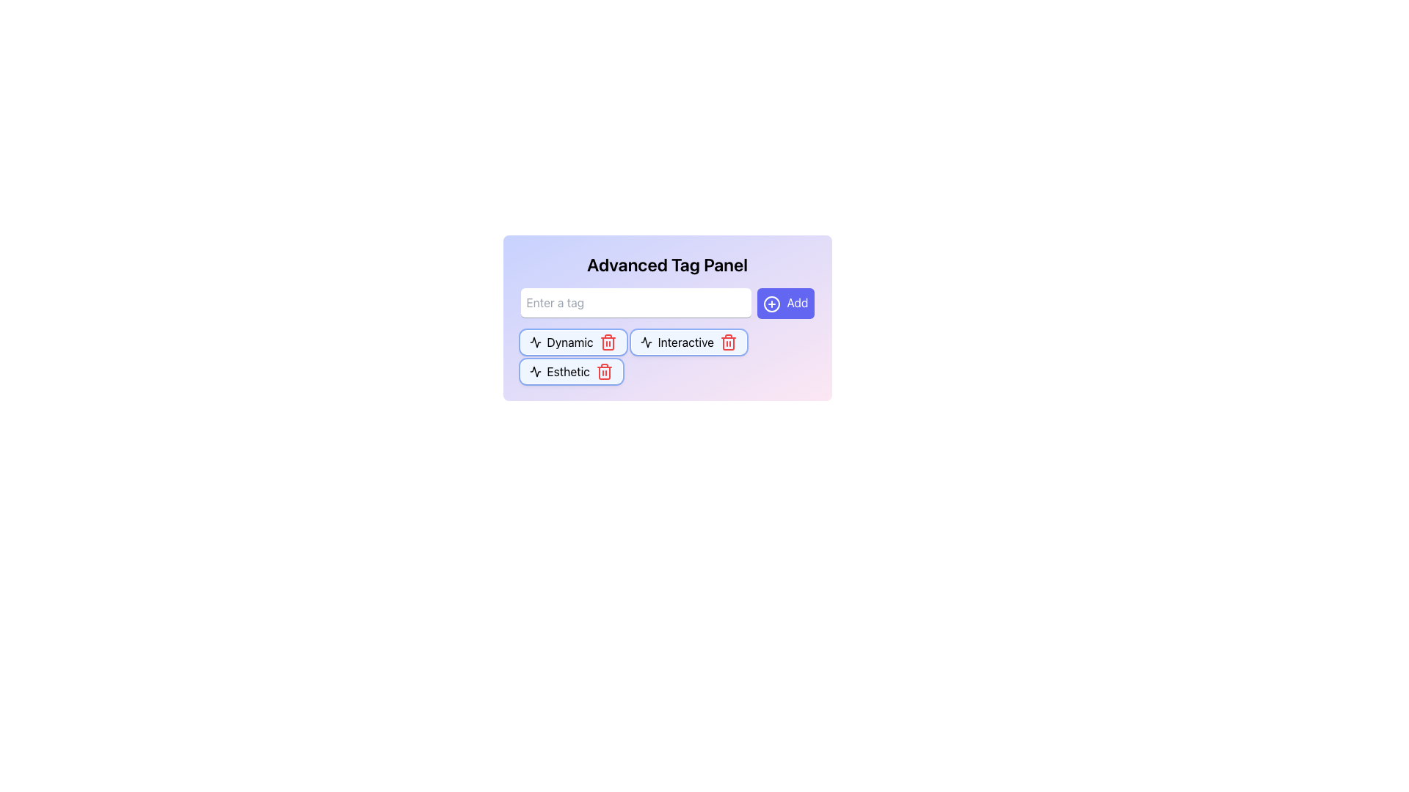 The height and width of the screenshot is (792, 1409). What do you see at coordinates (567, 370) in the screenshot?
I see `the 'Esthetic' tag button located in the 'Advanced Tag Panel', which is the third button in the vertical layout of tags` at bounding box center [567, 370].